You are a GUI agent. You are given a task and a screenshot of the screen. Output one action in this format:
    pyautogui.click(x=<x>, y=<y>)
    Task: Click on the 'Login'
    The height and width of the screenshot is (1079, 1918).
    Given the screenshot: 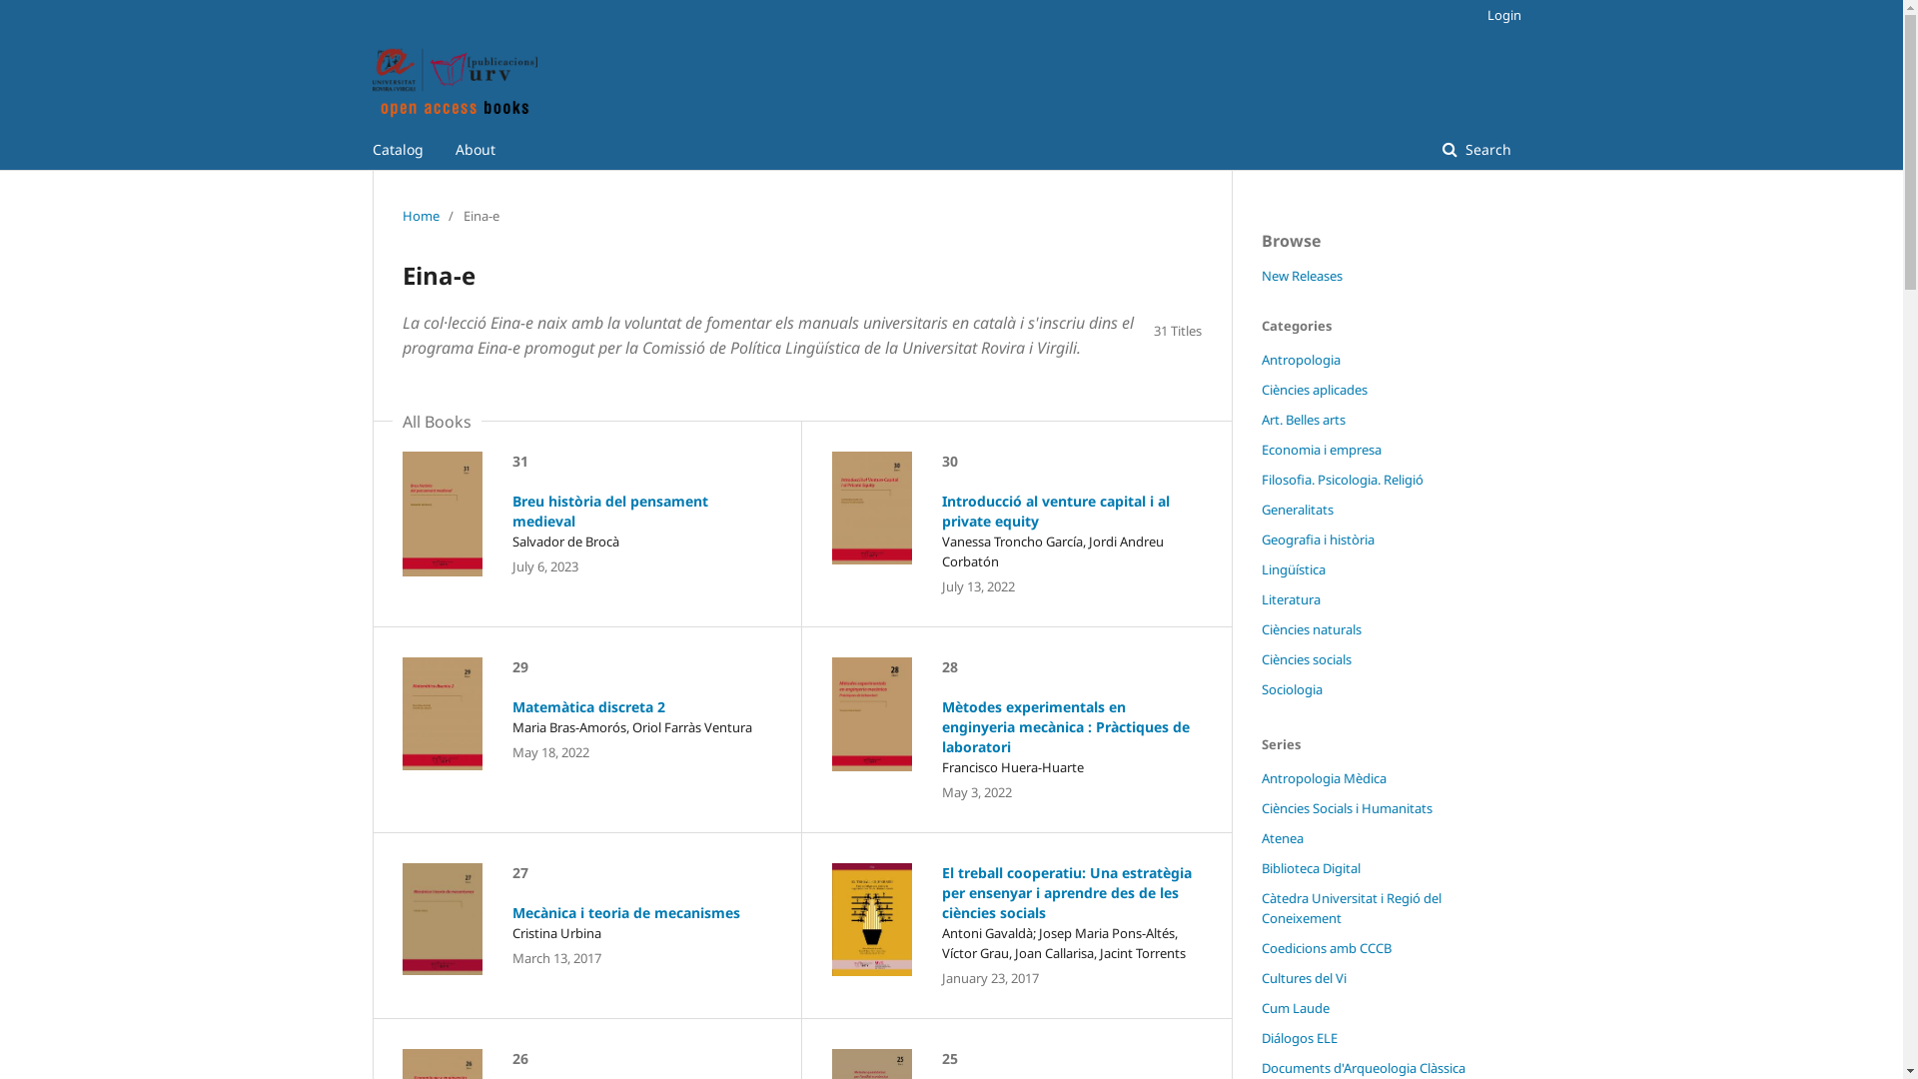 What is the action you would take?
    pyautogui.click(x=1497, y=15)
    